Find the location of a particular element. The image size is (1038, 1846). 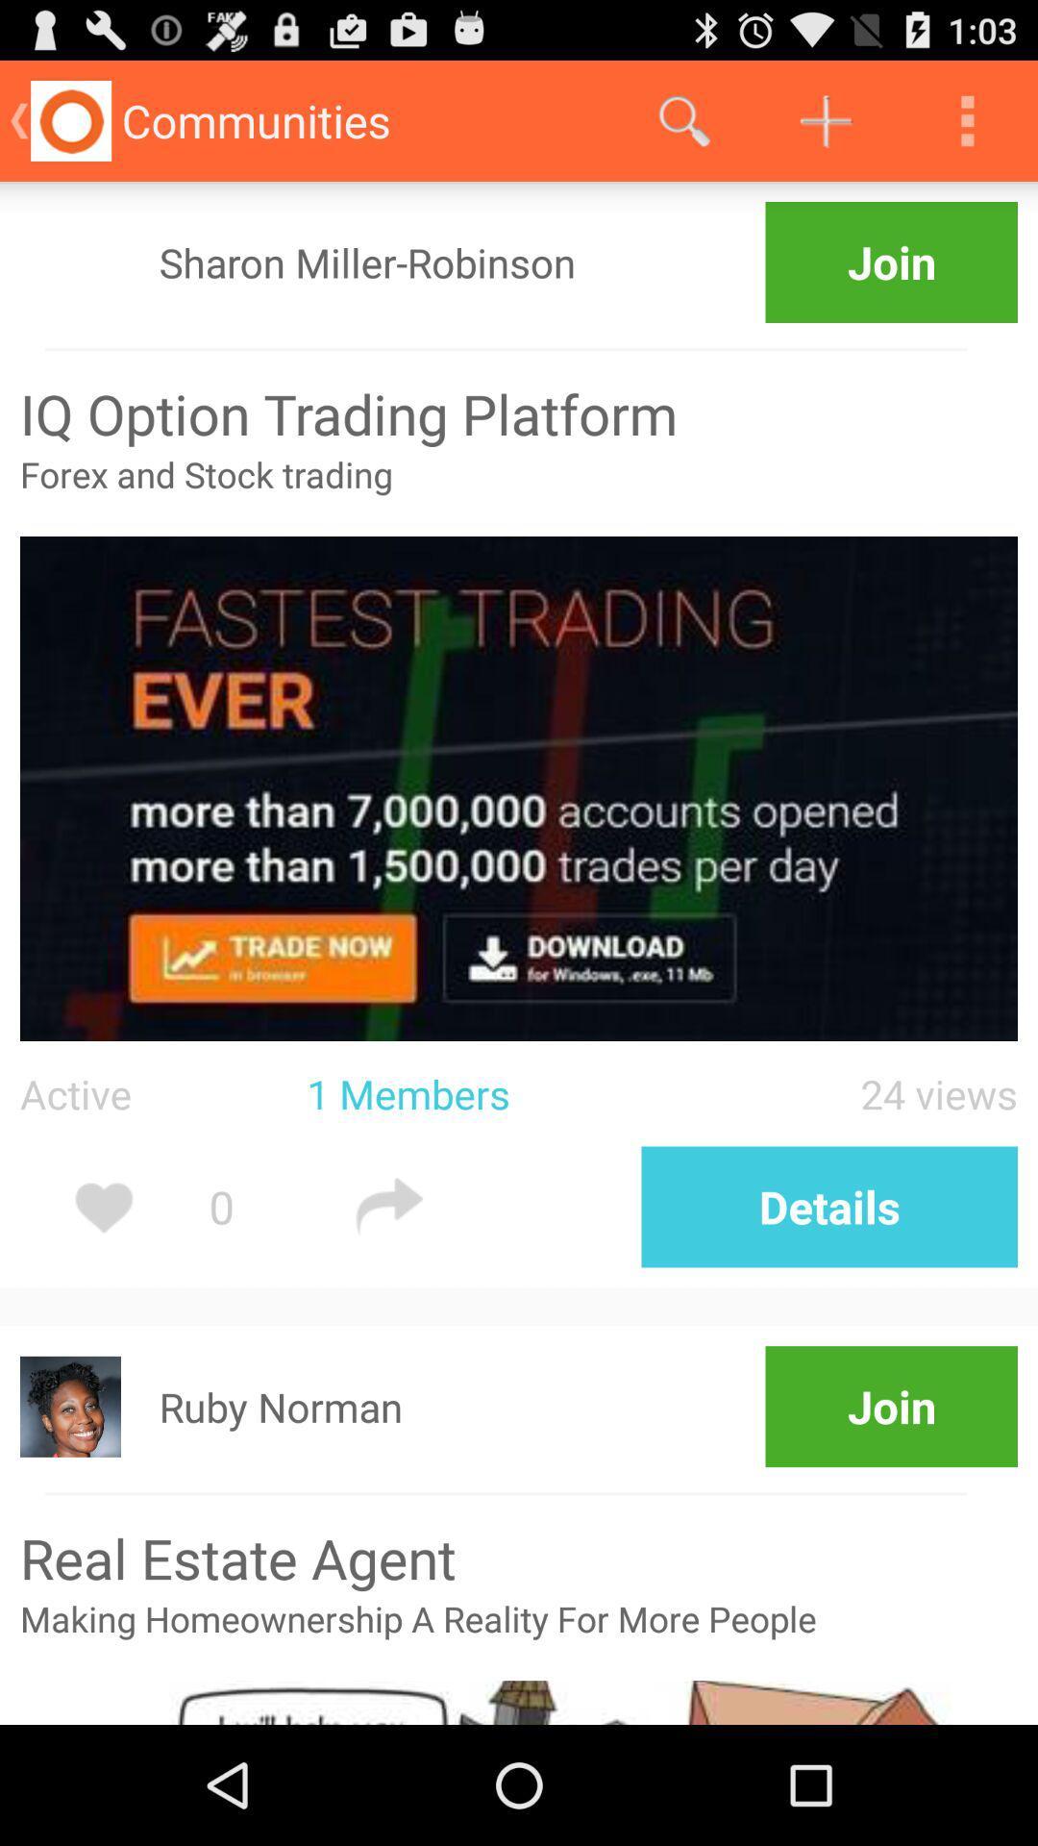

the button above join is located at coordinates (828, 1207).